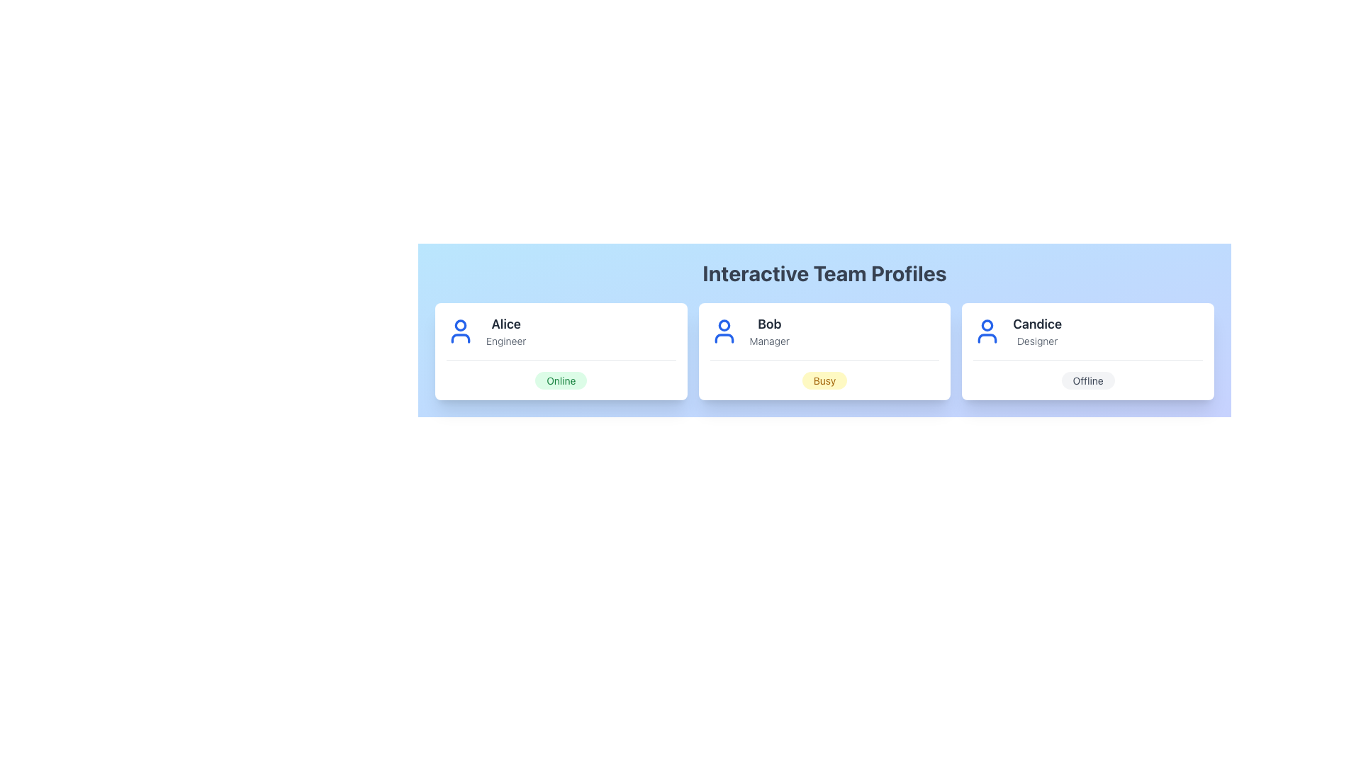  What do you see at coordinates (560, 373) in the screenshot?
I see `the online status label for user 'Alice', located at the bottom center of the profile card, below the roles 'Engineer' text and next to the profile picture` at bounding box center [560, 373].